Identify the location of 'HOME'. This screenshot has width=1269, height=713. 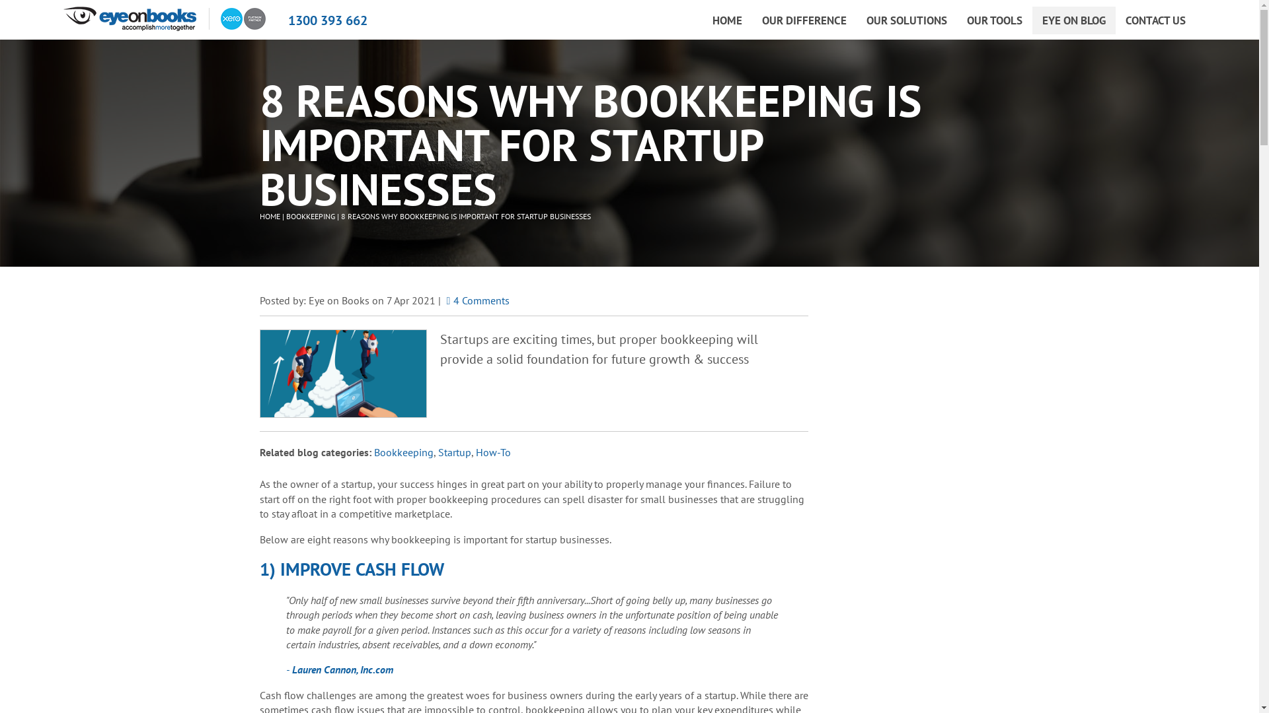
(726, 20).